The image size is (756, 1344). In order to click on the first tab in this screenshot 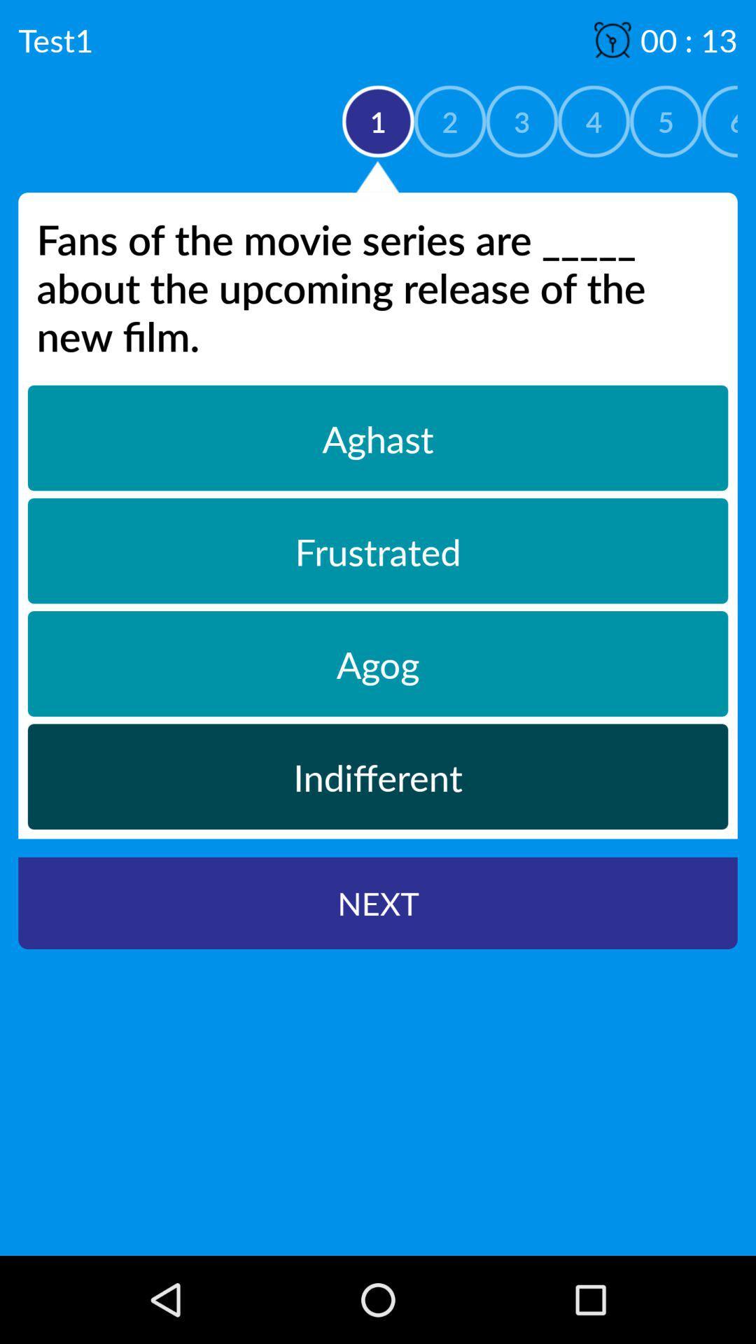, I will do `click(378, 437)`.